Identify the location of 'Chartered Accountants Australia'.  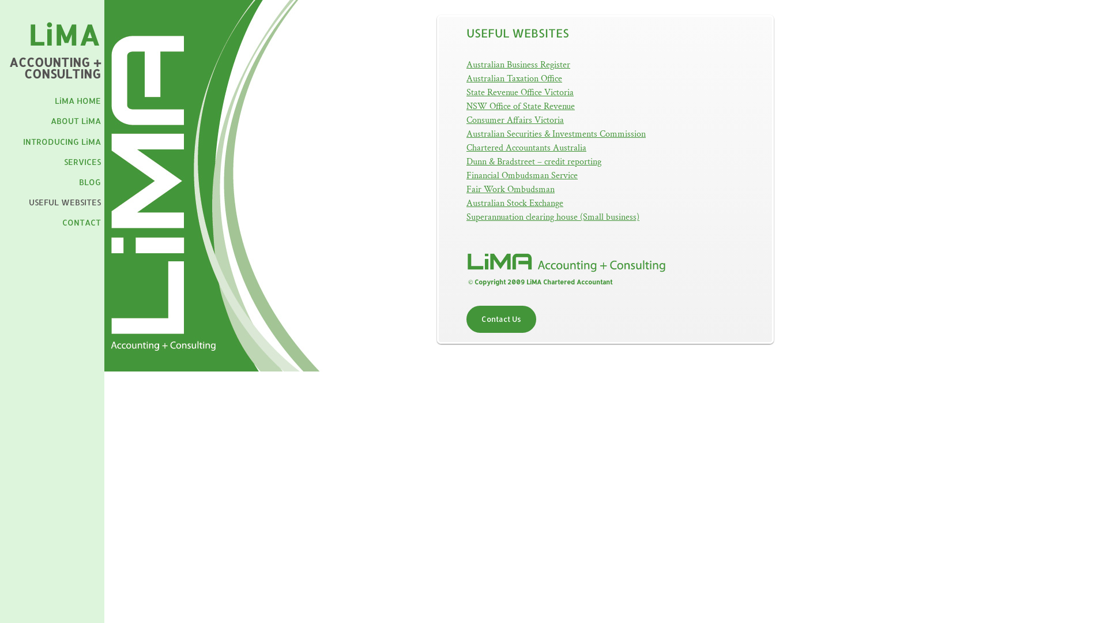
(525, 147).